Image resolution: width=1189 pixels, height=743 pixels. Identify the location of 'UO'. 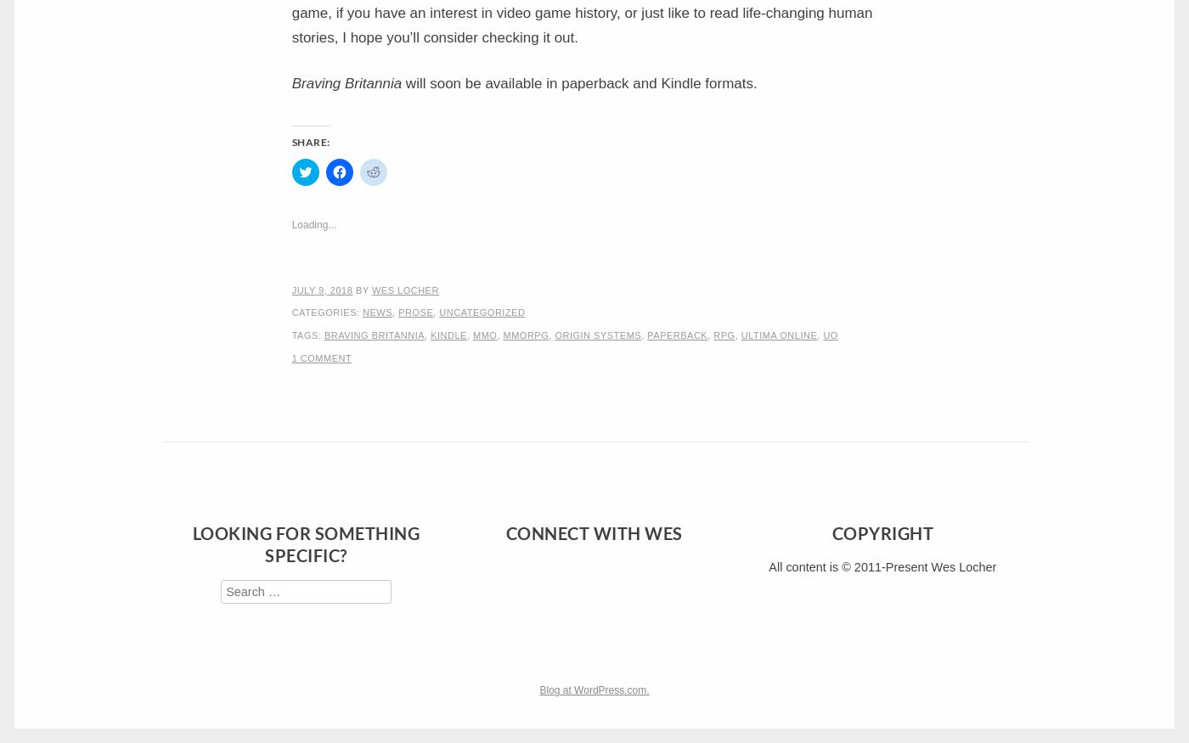
(830, 334).